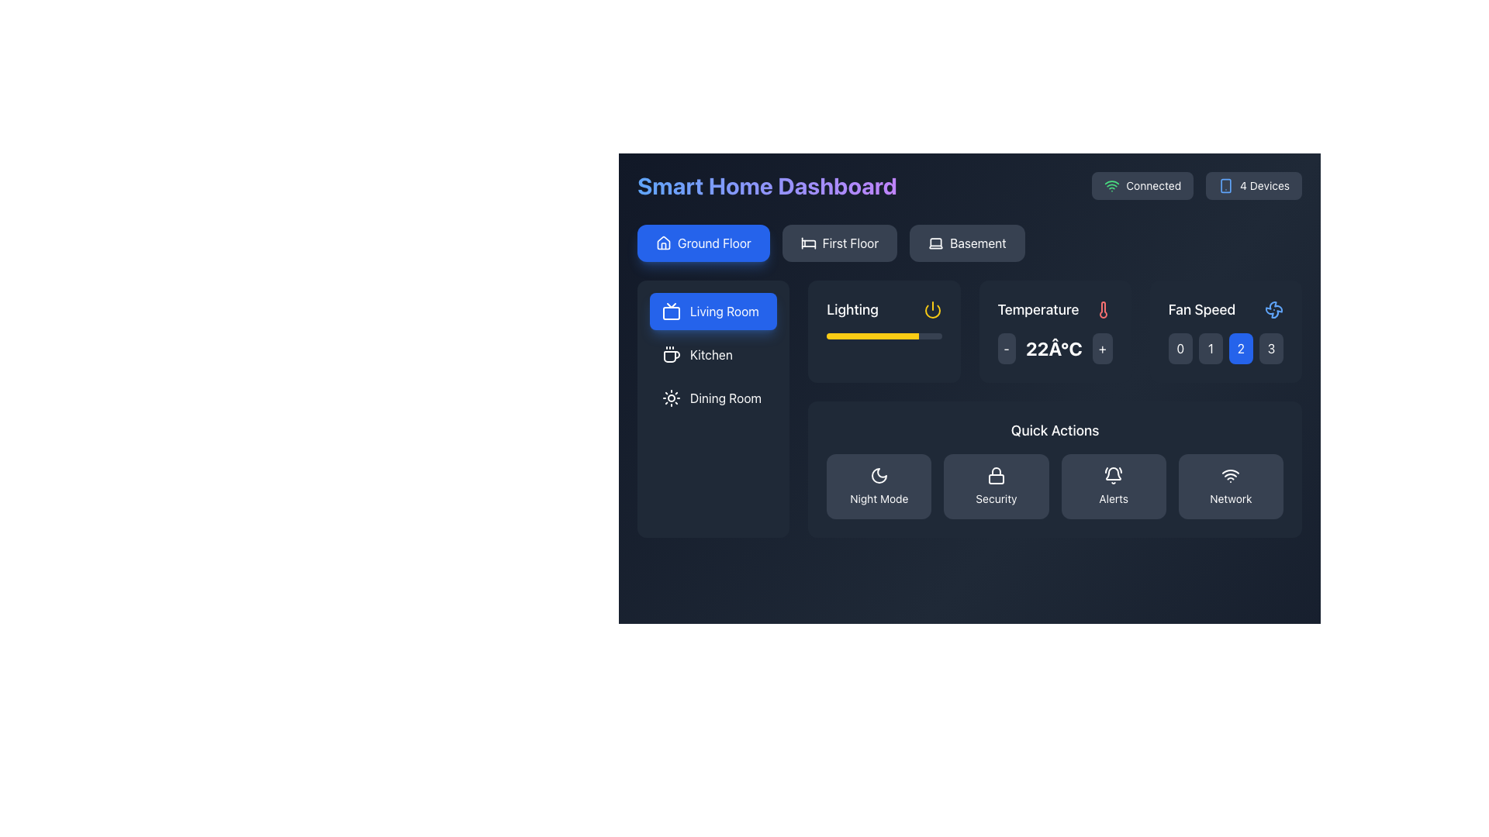  I want to click on the 'Lighting' text label, which is styled in medium bold font and appears in light color against a dark background, located in the upper-left section of the lighting controls interface, so click(852, 310).